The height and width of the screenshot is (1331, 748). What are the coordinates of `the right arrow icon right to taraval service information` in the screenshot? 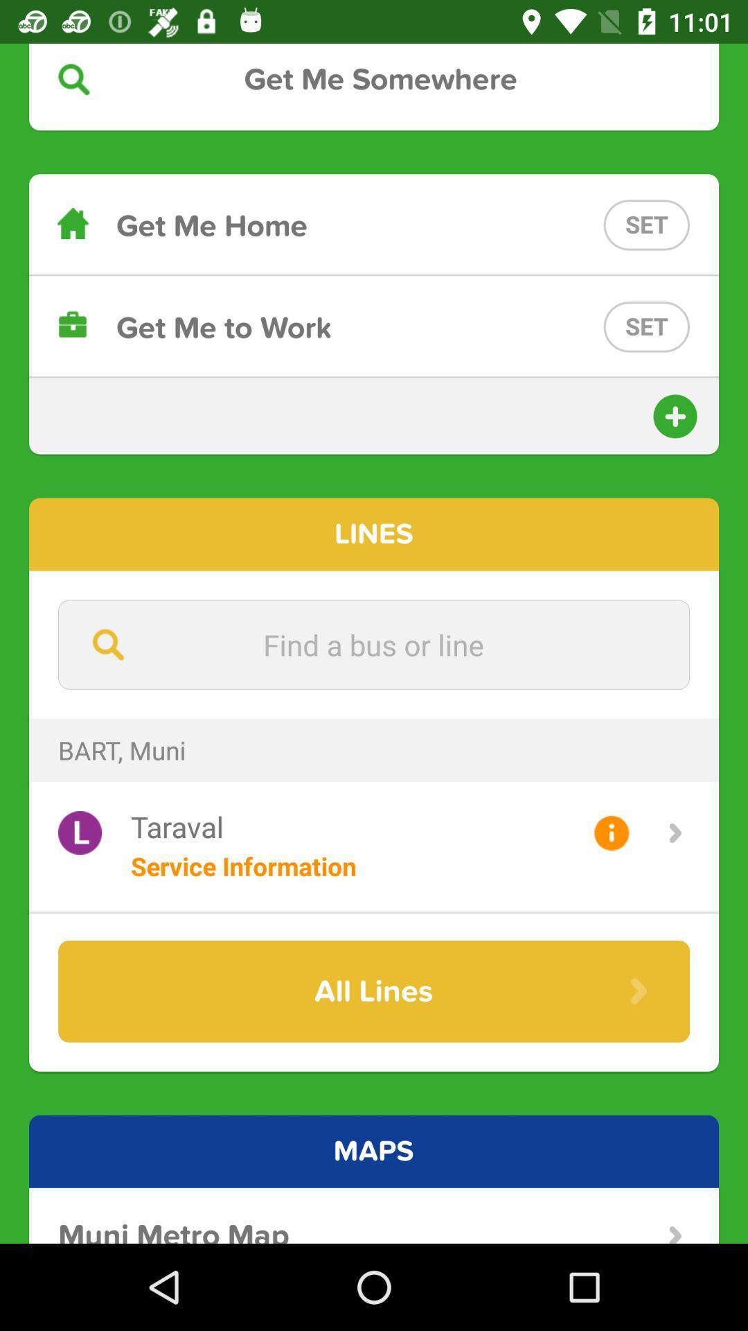 It's located at (675, 832).